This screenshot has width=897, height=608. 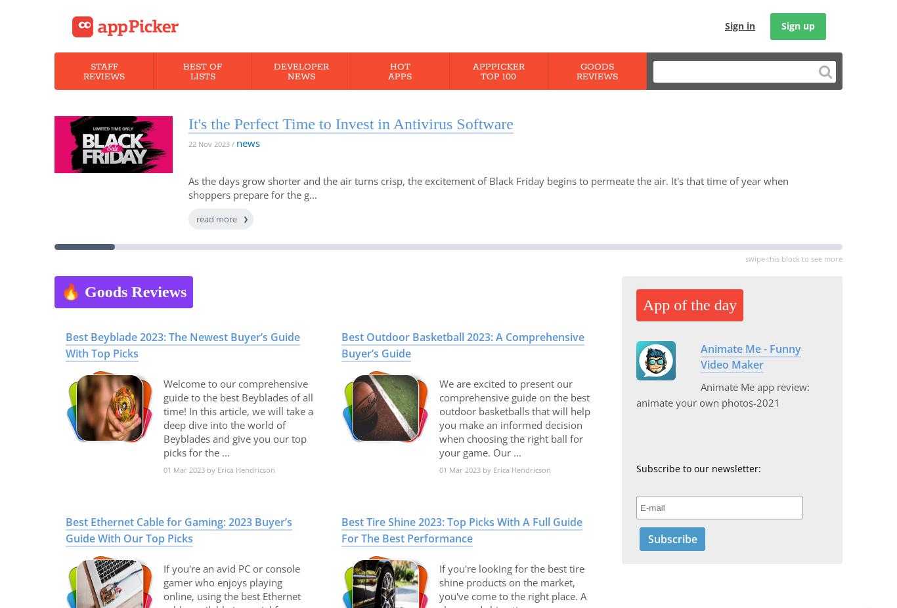 I want to click on 'Goods', so click(x=596, y=66).